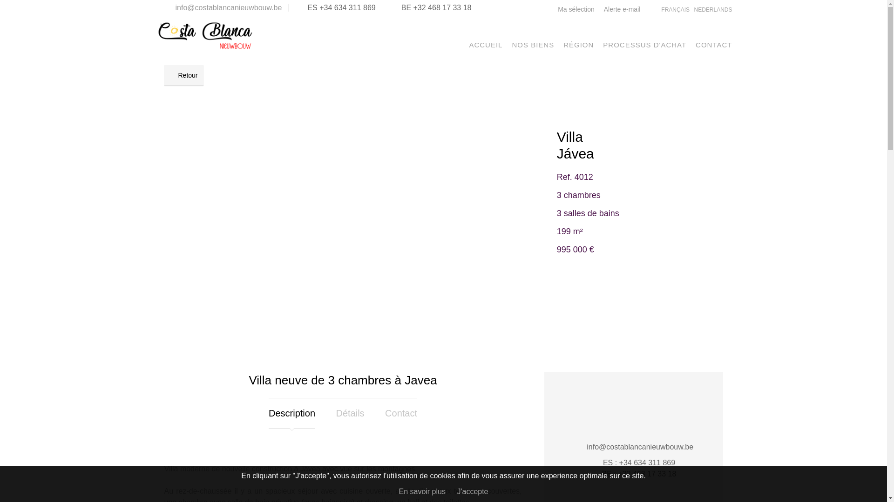 This screenshot has height=502, width=894. I want to click on 'J'accepte', so click(472, 491).